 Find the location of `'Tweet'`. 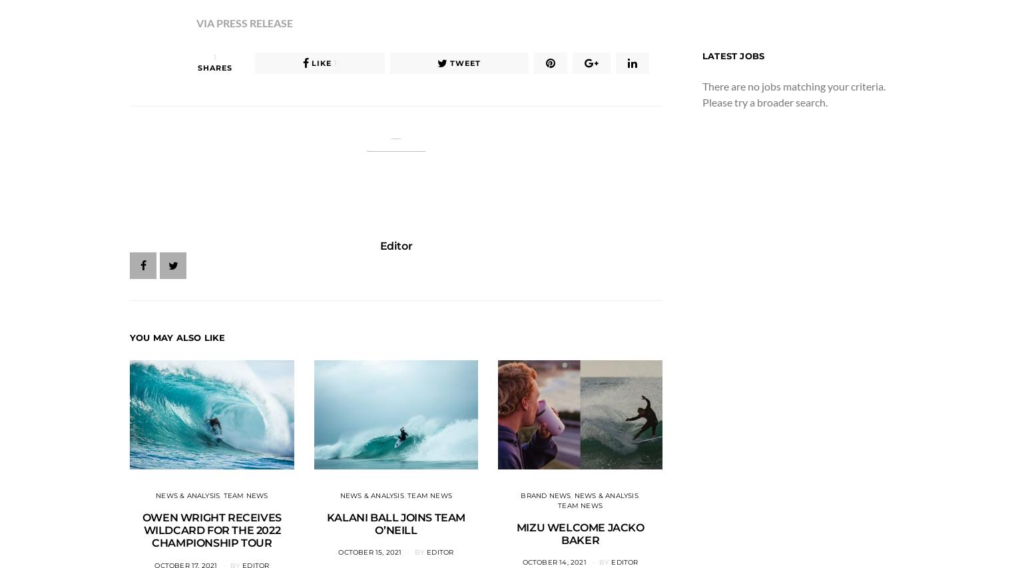

'Tweet' is located at coordinates (465, 62).